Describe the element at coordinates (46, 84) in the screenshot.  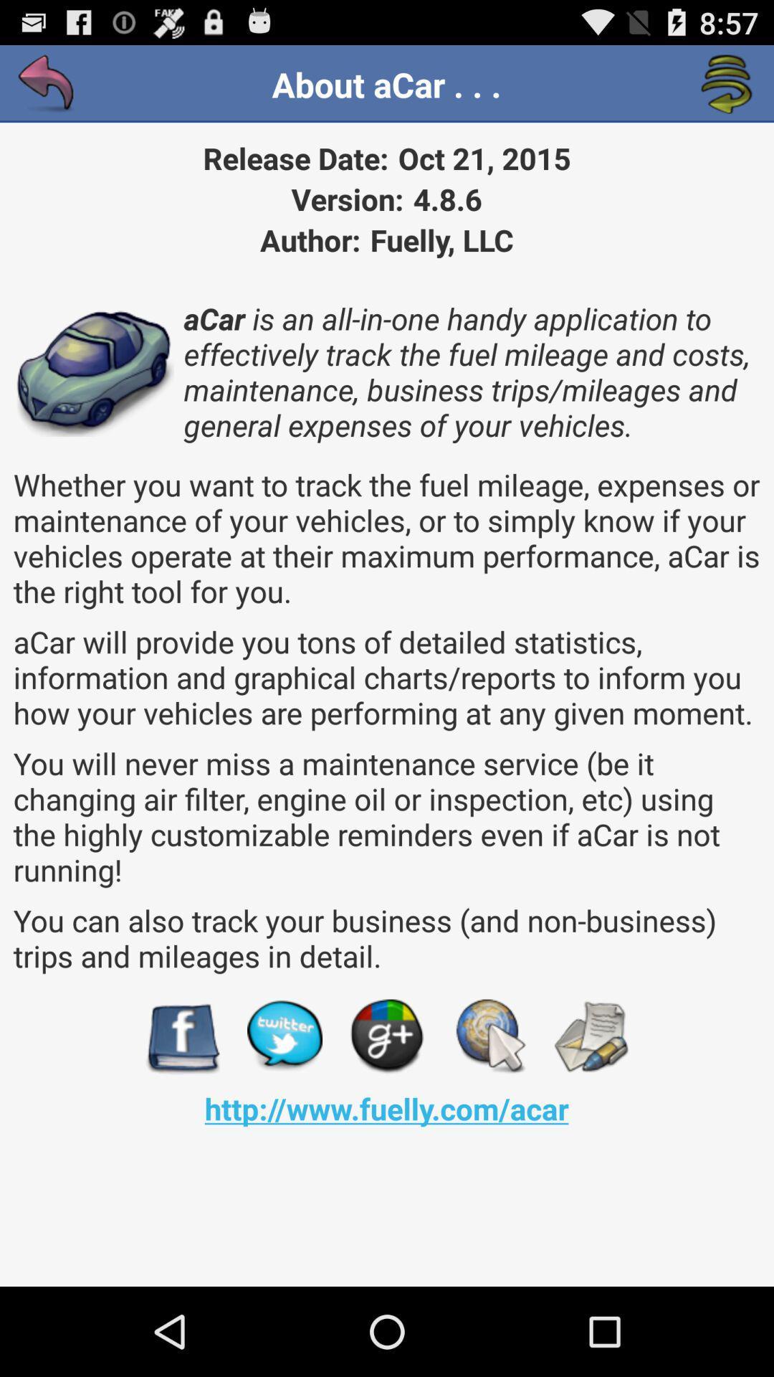
I see `icon at the top left corner` at that location.